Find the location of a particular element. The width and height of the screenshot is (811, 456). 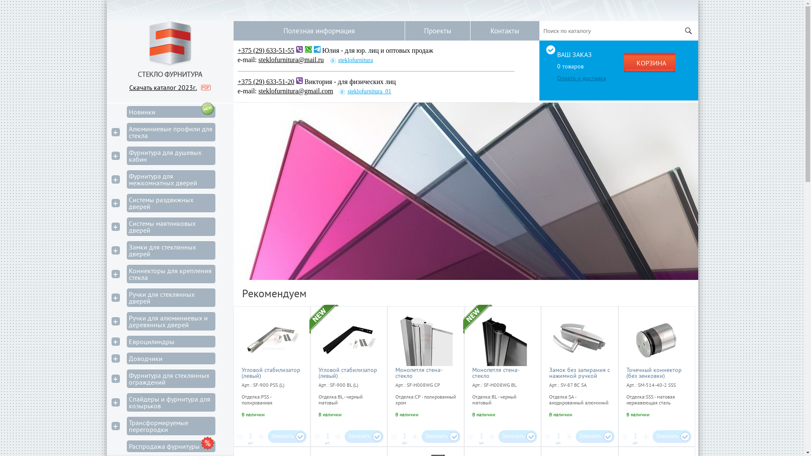

'+375 (29) 633-51-55' is located at coordinates (265, 50).